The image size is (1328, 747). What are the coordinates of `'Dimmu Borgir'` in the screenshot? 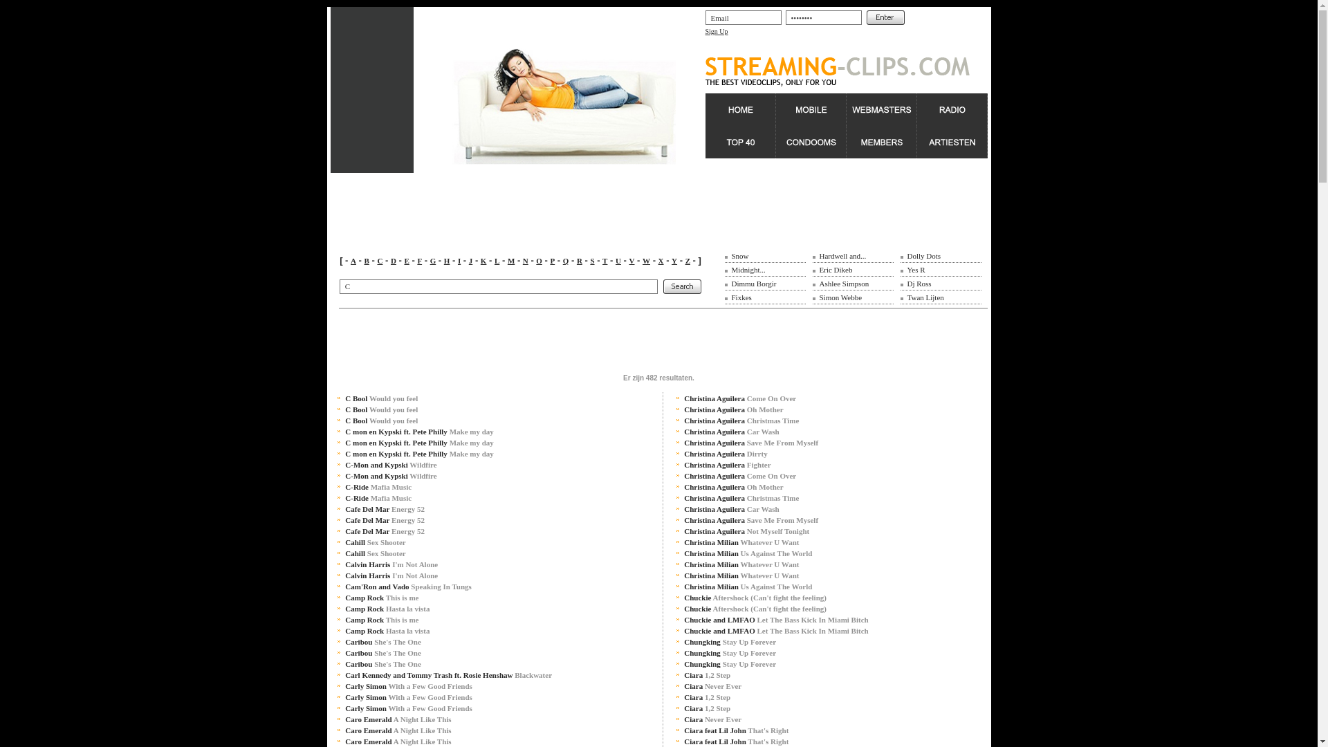 It's located at (753, 282).